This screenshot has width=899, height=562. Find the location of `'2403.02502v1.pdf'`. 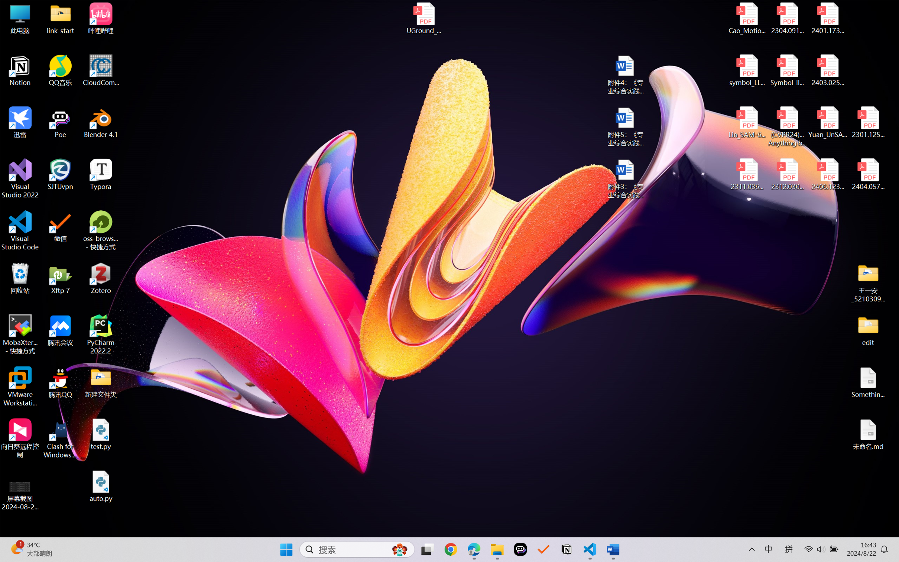

'2403.02502v1.pdf' is located at coordinates (827, 71).